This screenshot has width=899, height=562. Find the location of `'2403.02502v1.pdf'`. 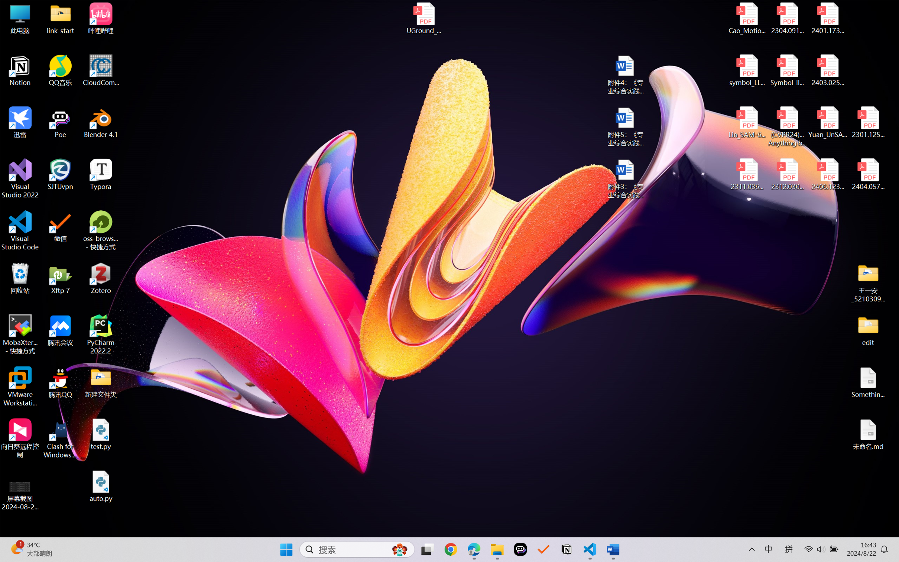

'2403.02502v1.pdf' is located at coordinates (827, 71).